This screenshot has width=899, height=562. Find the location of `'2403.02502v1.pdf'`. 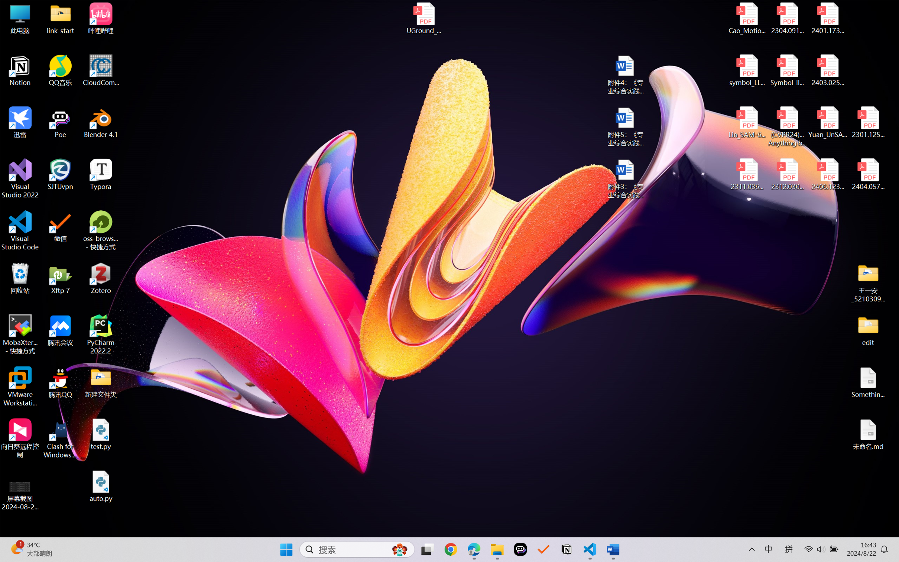

'2403.02502v1.pdf' is located at coordinates (827, 71).